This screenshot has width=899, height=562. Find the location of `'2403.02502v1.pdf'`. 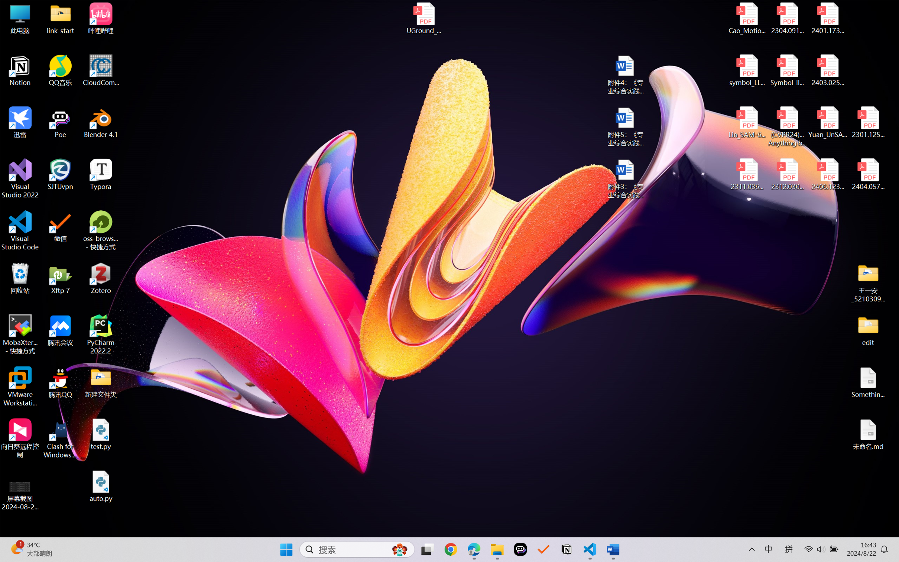

'2403.02502v1.pdf' is located at coordinates (827, 71).